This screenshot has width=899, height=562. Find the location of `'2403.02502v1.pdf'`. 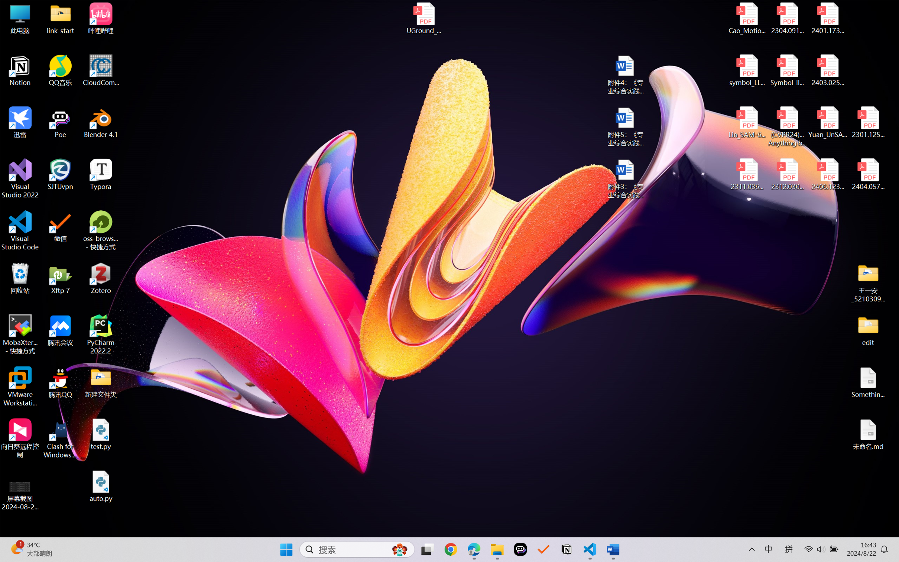

'2403.02502v1.pdf' is located at coordinates (827, 71).